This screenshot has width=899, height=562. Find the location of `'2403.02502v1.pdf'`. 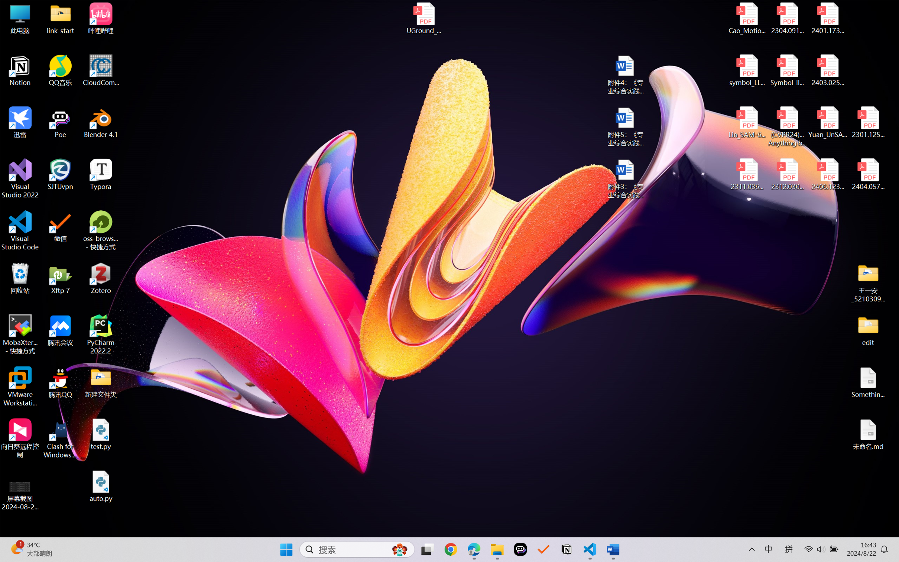

'2403.02502v1.pdf' is located at coordinates (827, 71).